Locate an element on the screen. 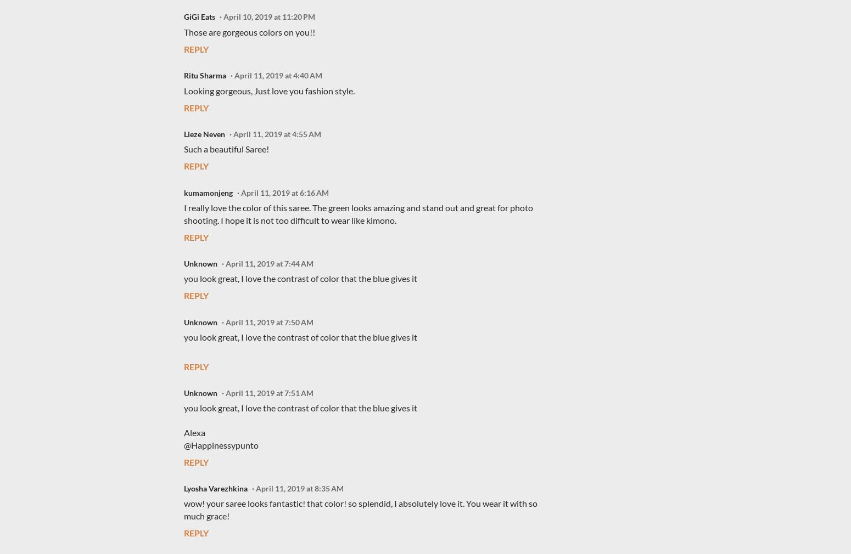 The width and height of the screenshot is (851, 554). 'April 11, 2019 at 8:35 AM' is located at coordinates (300, 488).